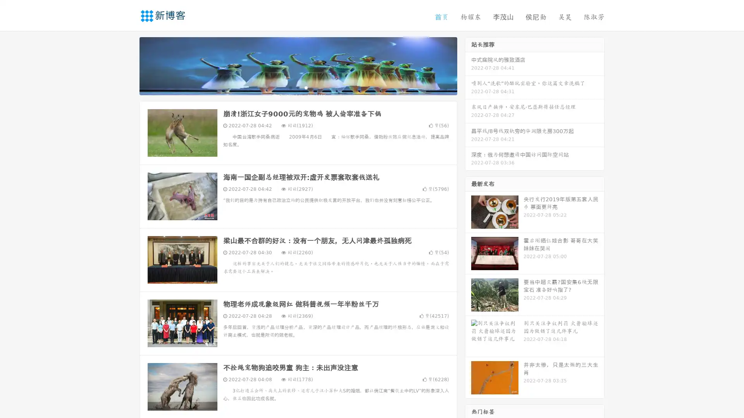 The image size is (744, 418). Describe the element at coordinates (468, 65) in the screenshot. I see `Next slide` at that location.